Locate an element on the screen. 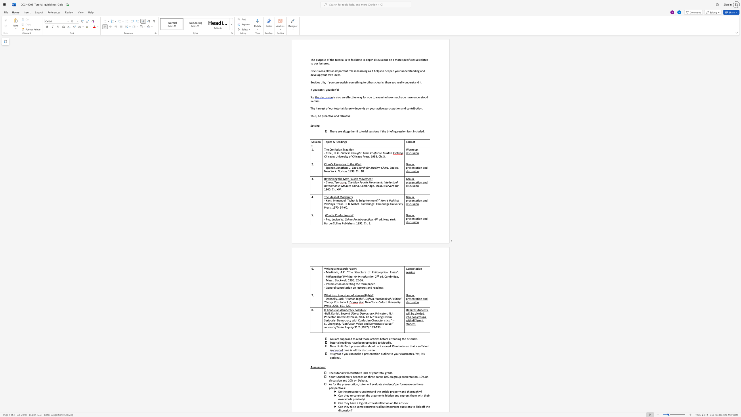 The image size is (741, 417). the subset text "io" within the text "Group presentation and discussion" is located at coordinates (415, 222).